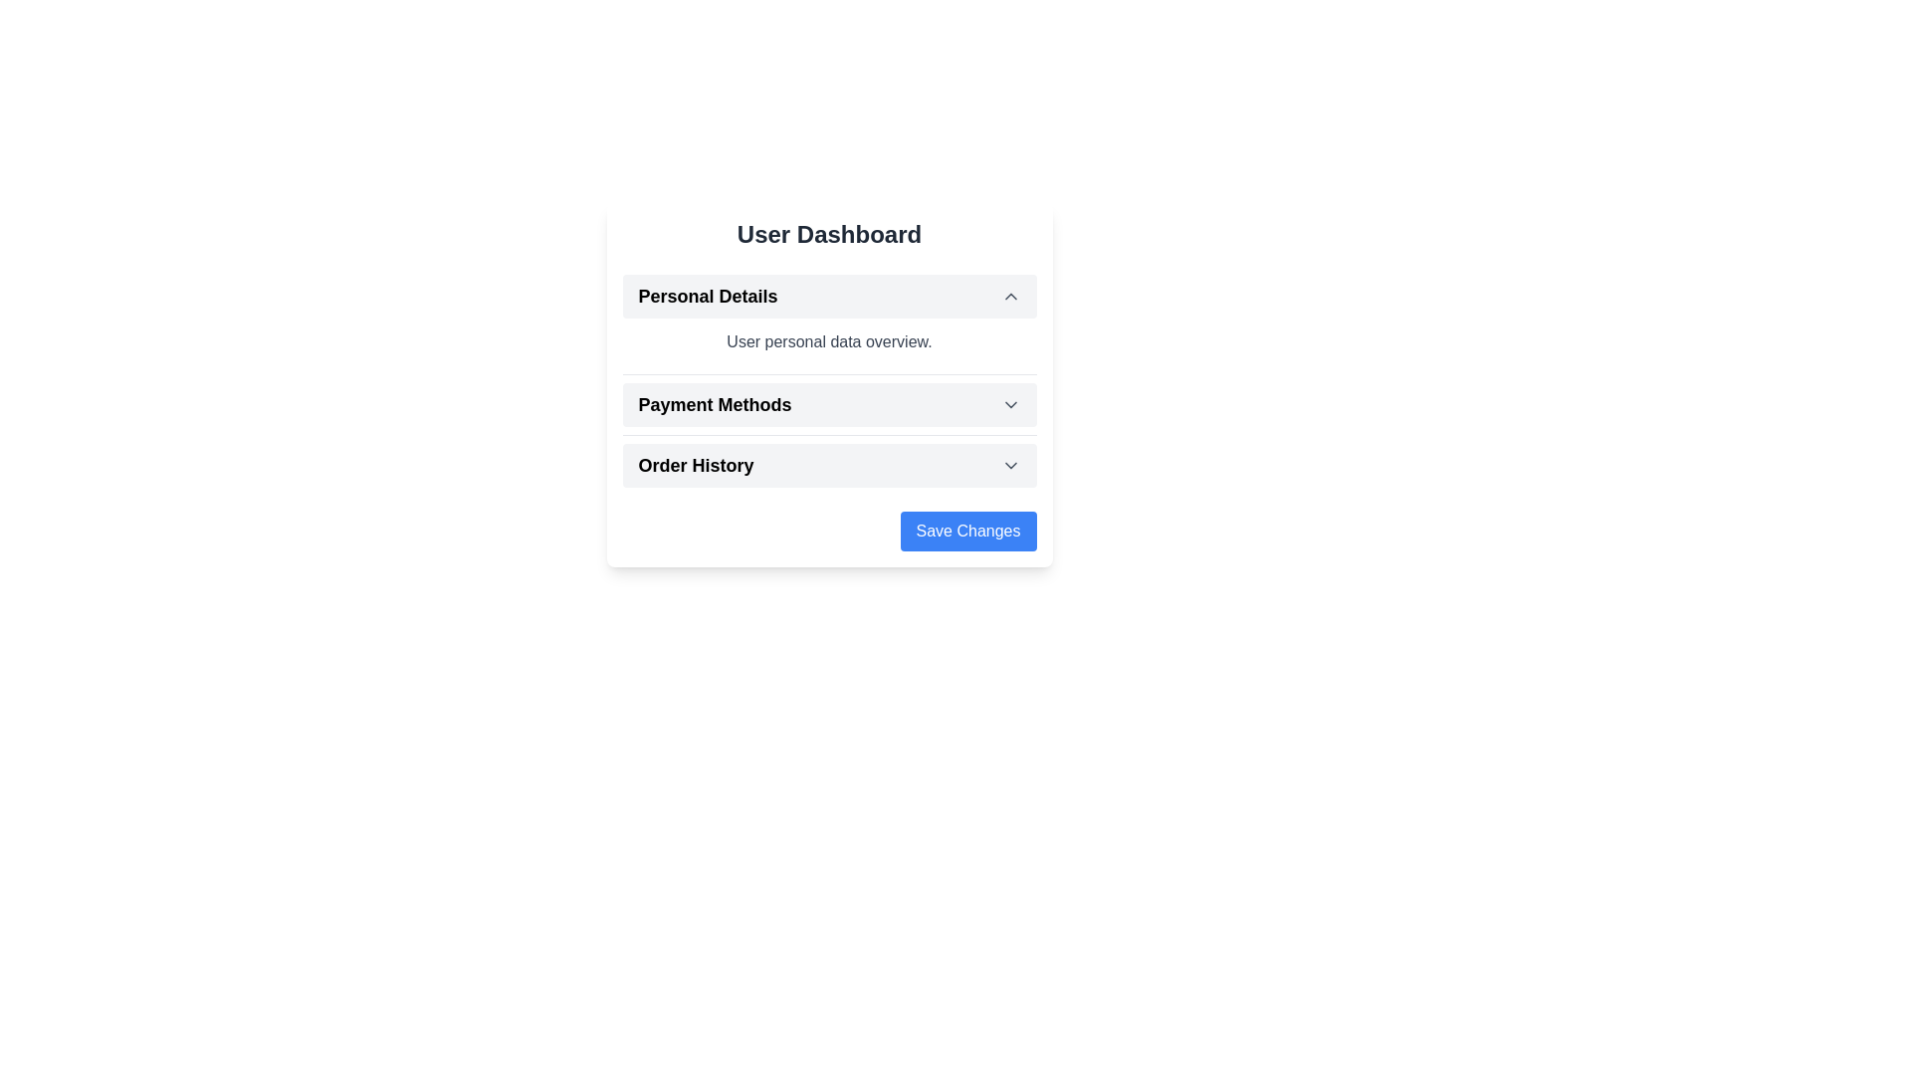 The image size is (1911, 1075). What do you see at coordinates (1010, 404) in the screenshot?
I see `the chevron icon on the far right side of the 'Payment Methods' row` at bounding box center [1010, 404].